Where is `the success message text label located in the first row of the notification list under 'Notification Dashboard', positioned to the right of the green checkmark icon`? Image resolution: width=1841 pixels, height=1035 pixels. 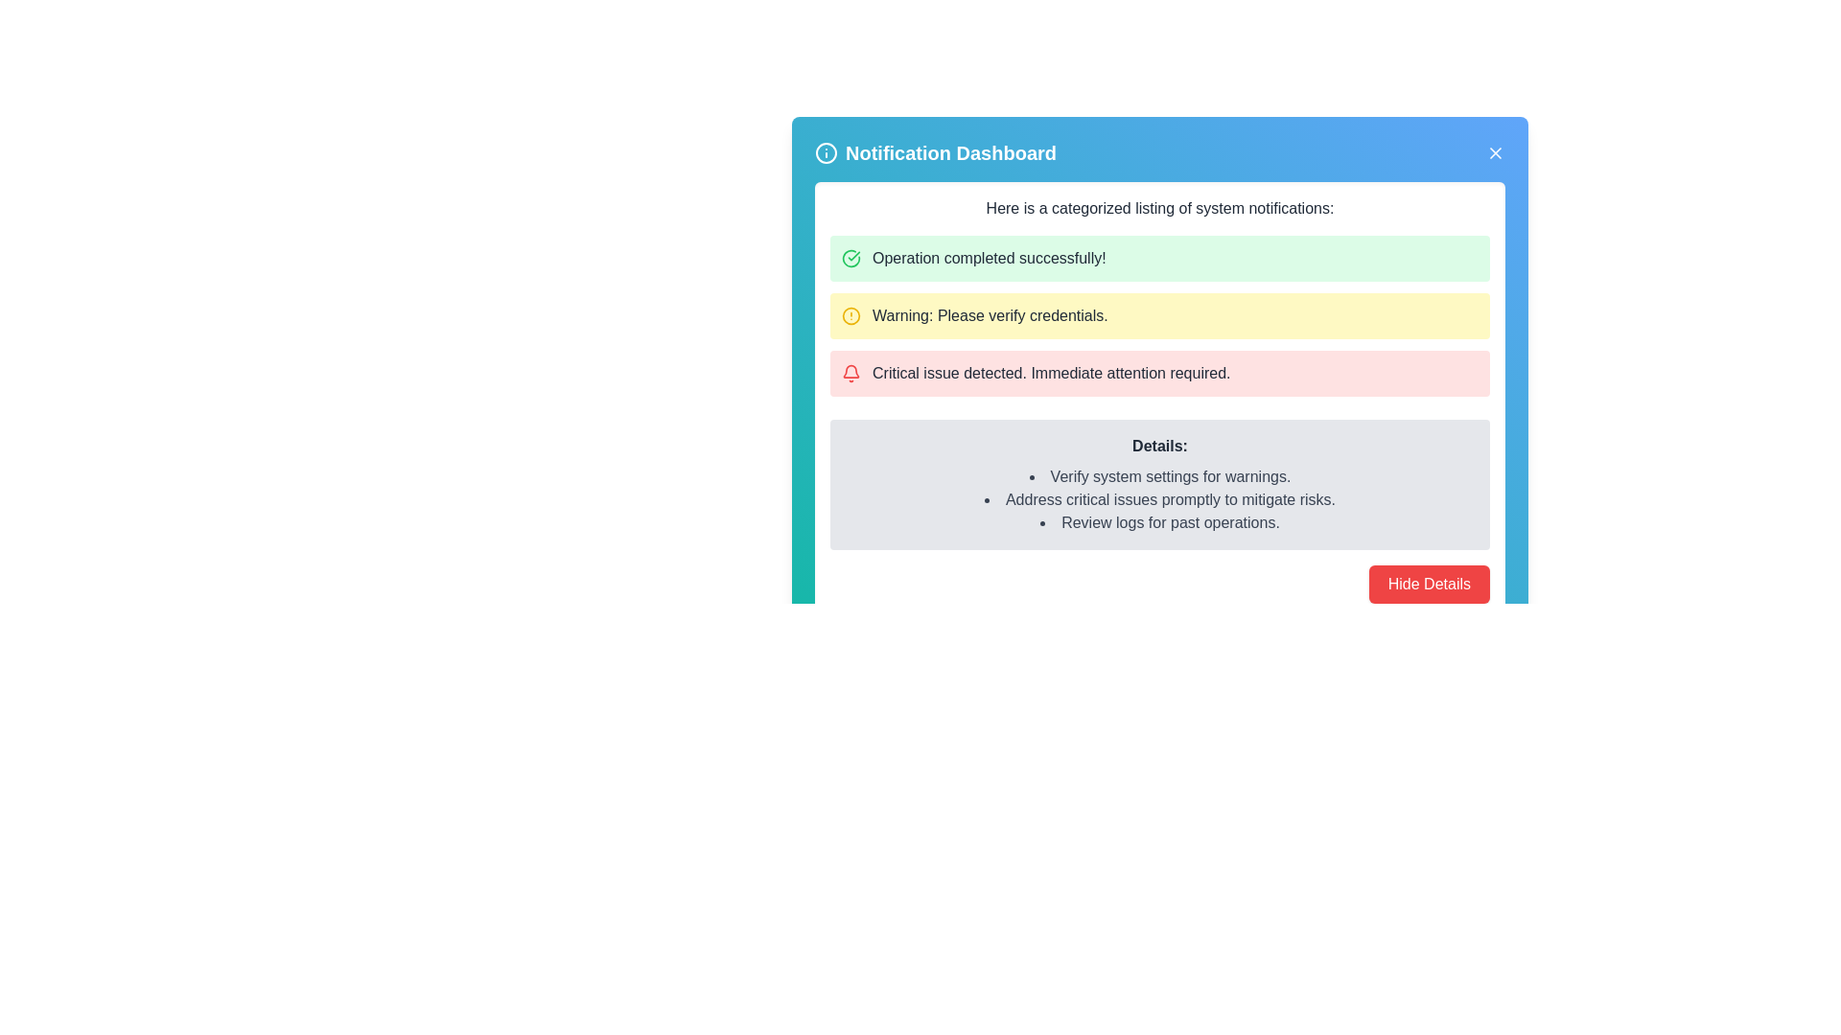 the success message text label located in the first row of the notification list under 'Notification Dashboard', positioned to the right of the green checkmark icon is located at coordinates (989, 259).